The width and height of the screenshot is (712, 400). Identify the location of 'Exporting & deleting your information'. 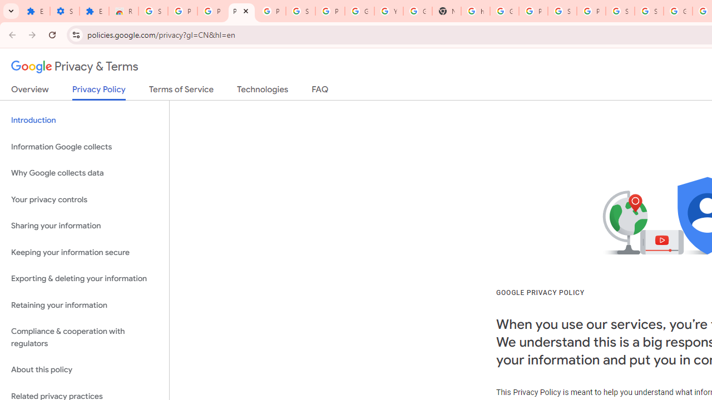
(84, 278).